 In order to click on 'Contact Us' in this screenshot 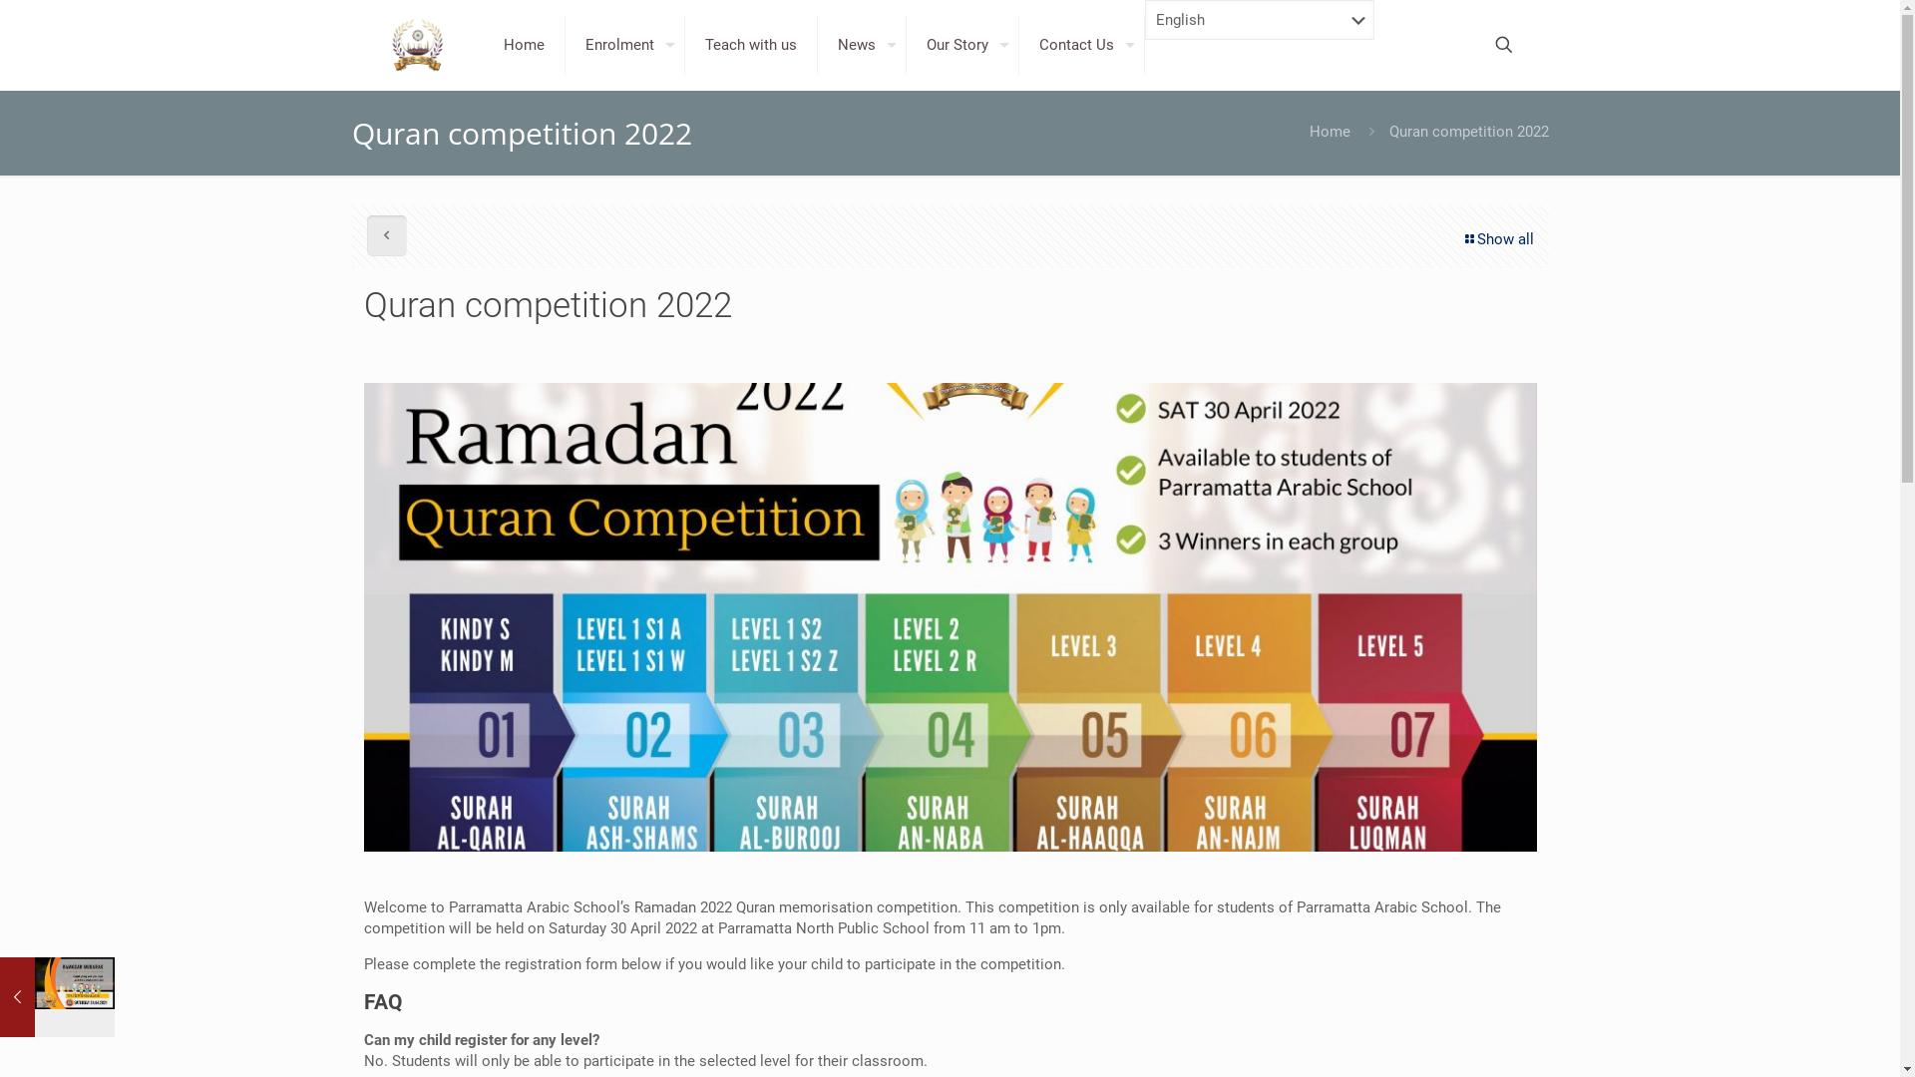, I will do `click(1080, 45)`.